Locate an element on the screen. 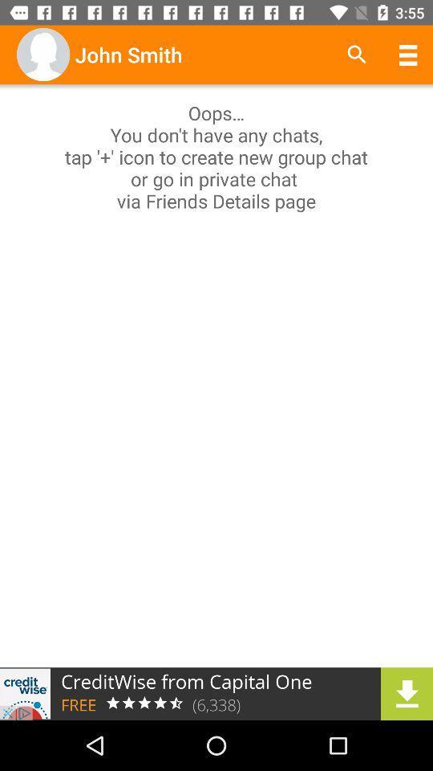 The height and width of the screenshot is (771, 433). advertisement from outside source is located at coordinates (216, 693).